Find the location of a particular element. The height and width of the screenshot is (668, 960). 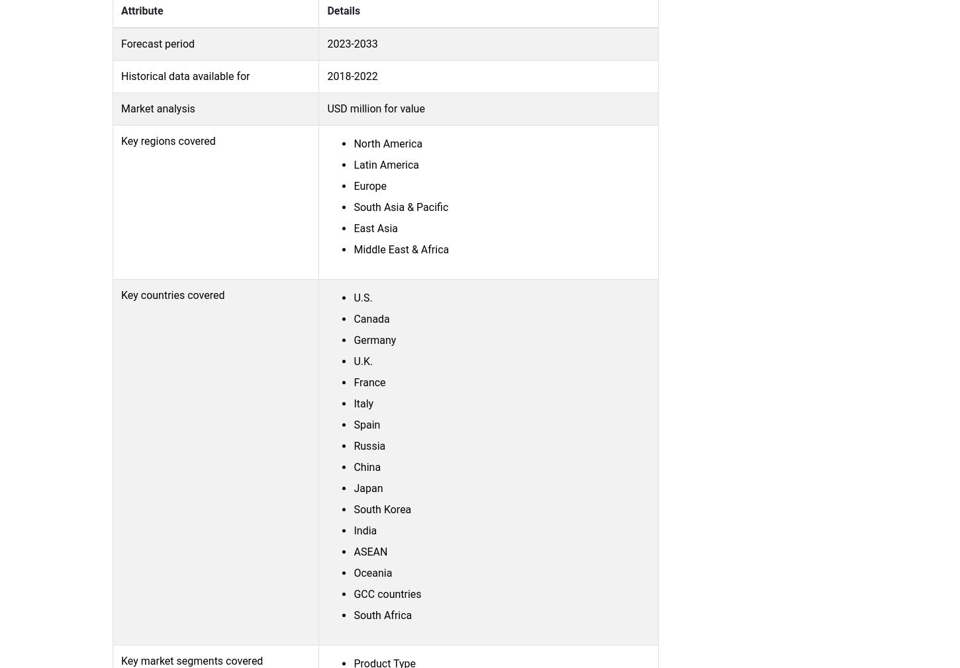

'Canada' is located at coordinates (371, 318).